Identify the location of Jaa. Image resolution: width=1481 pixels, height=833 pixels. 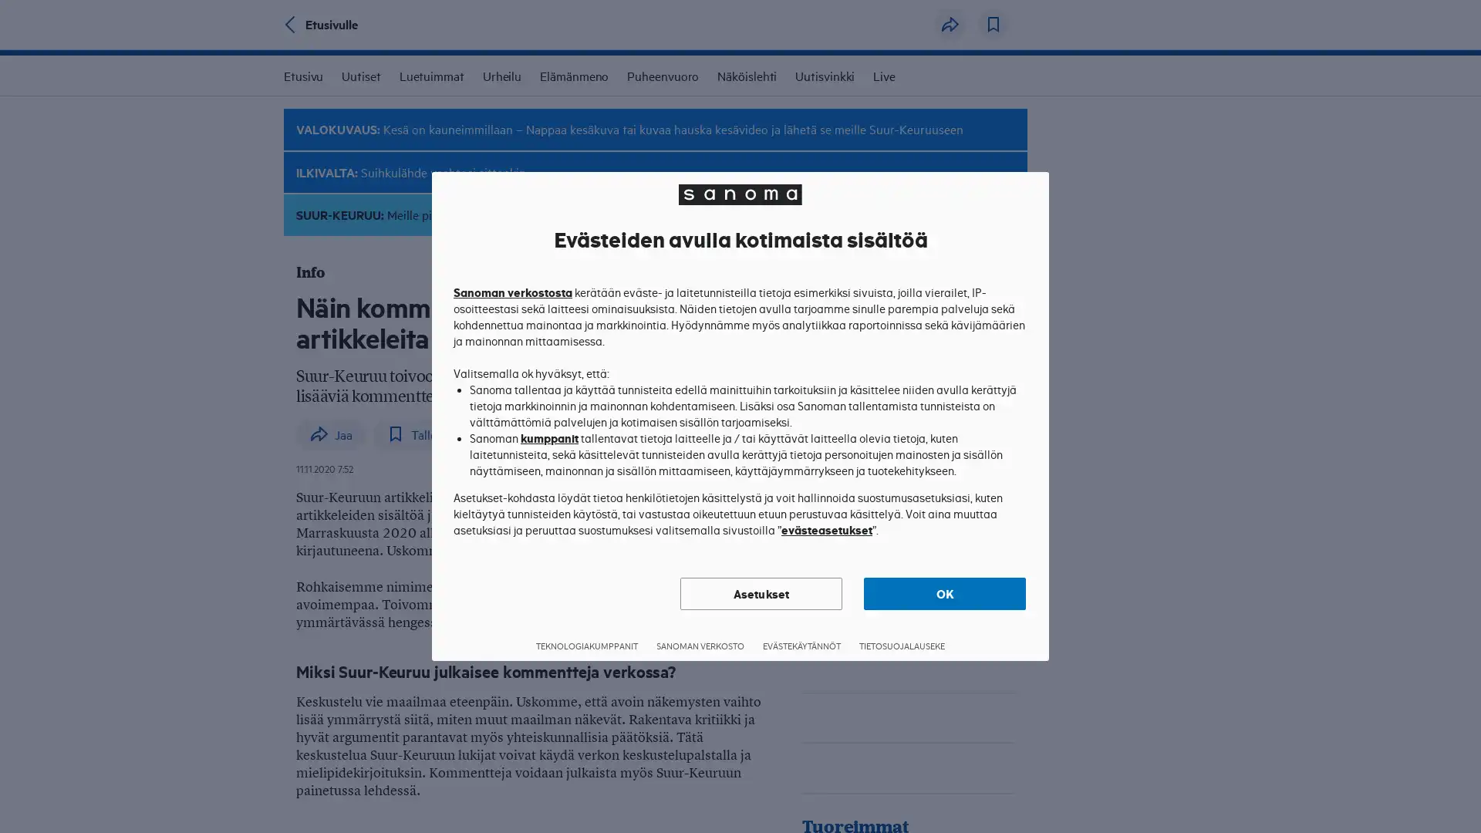
(950, 24).